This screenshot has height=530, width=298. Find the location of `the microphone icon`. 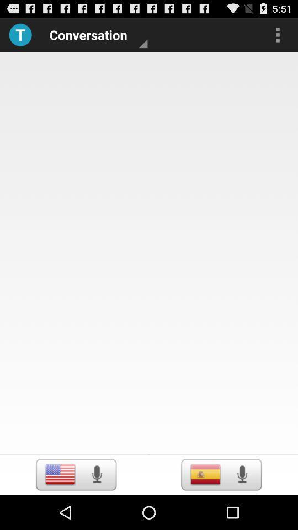

the microphone icon is located at coordinates (97, 508).